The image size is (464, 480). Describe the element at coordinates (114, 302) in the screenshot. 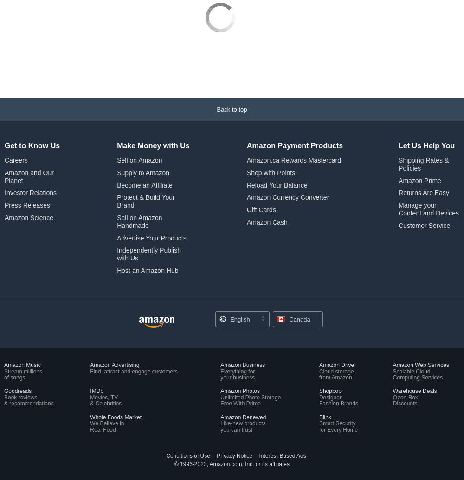

I see `'Amazon Advertising'` at that location.